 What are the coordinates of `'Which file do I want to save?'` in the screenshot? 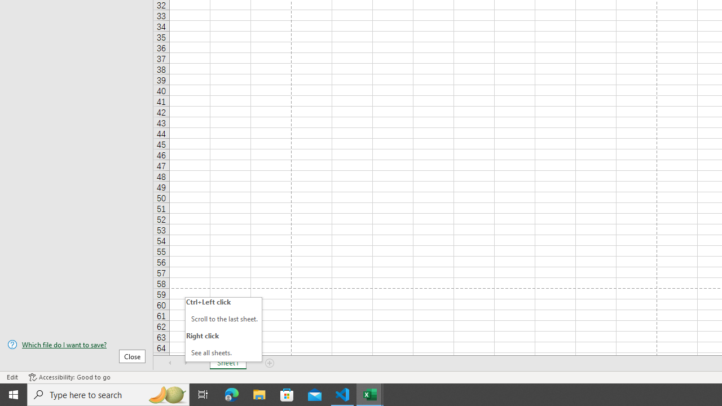 It's located at (76, 344).